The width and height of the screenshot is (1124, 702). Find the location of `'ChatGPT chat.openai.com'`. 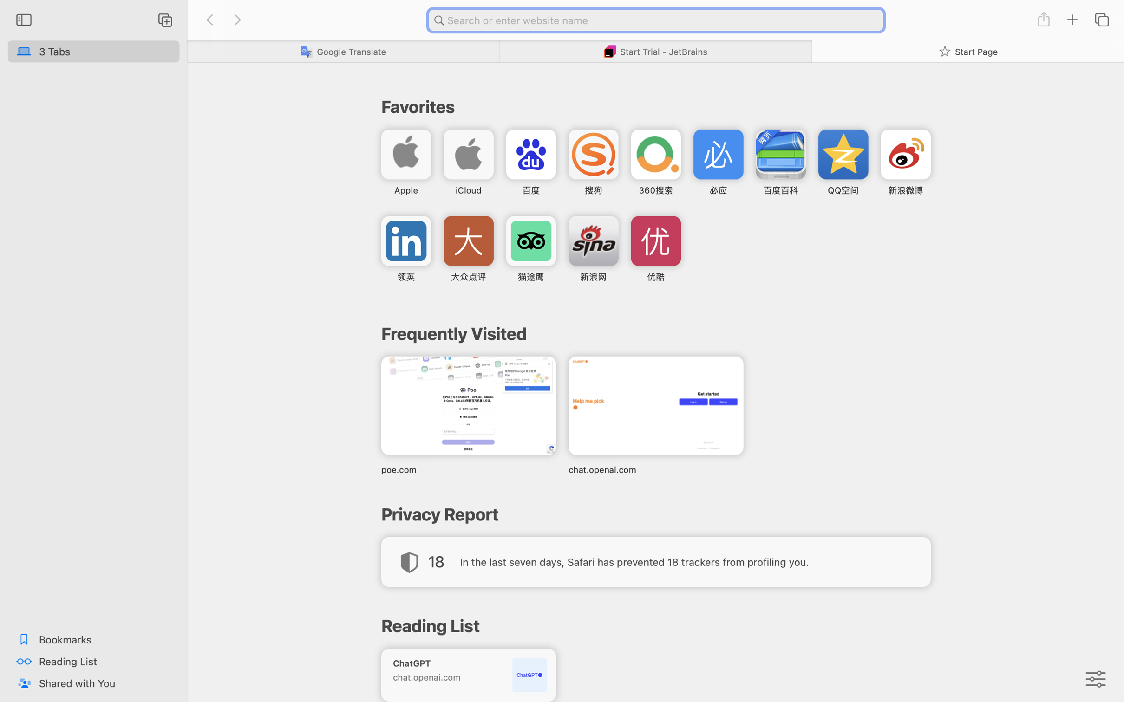

'ChatGPT chat.openai.com' is located at coordinates (468, 674).